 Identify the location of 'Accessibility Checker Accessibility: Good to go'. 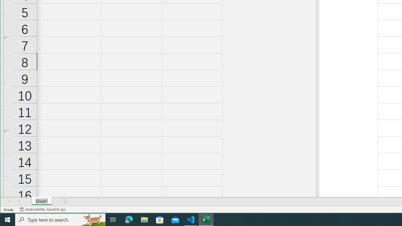
(42, 209).